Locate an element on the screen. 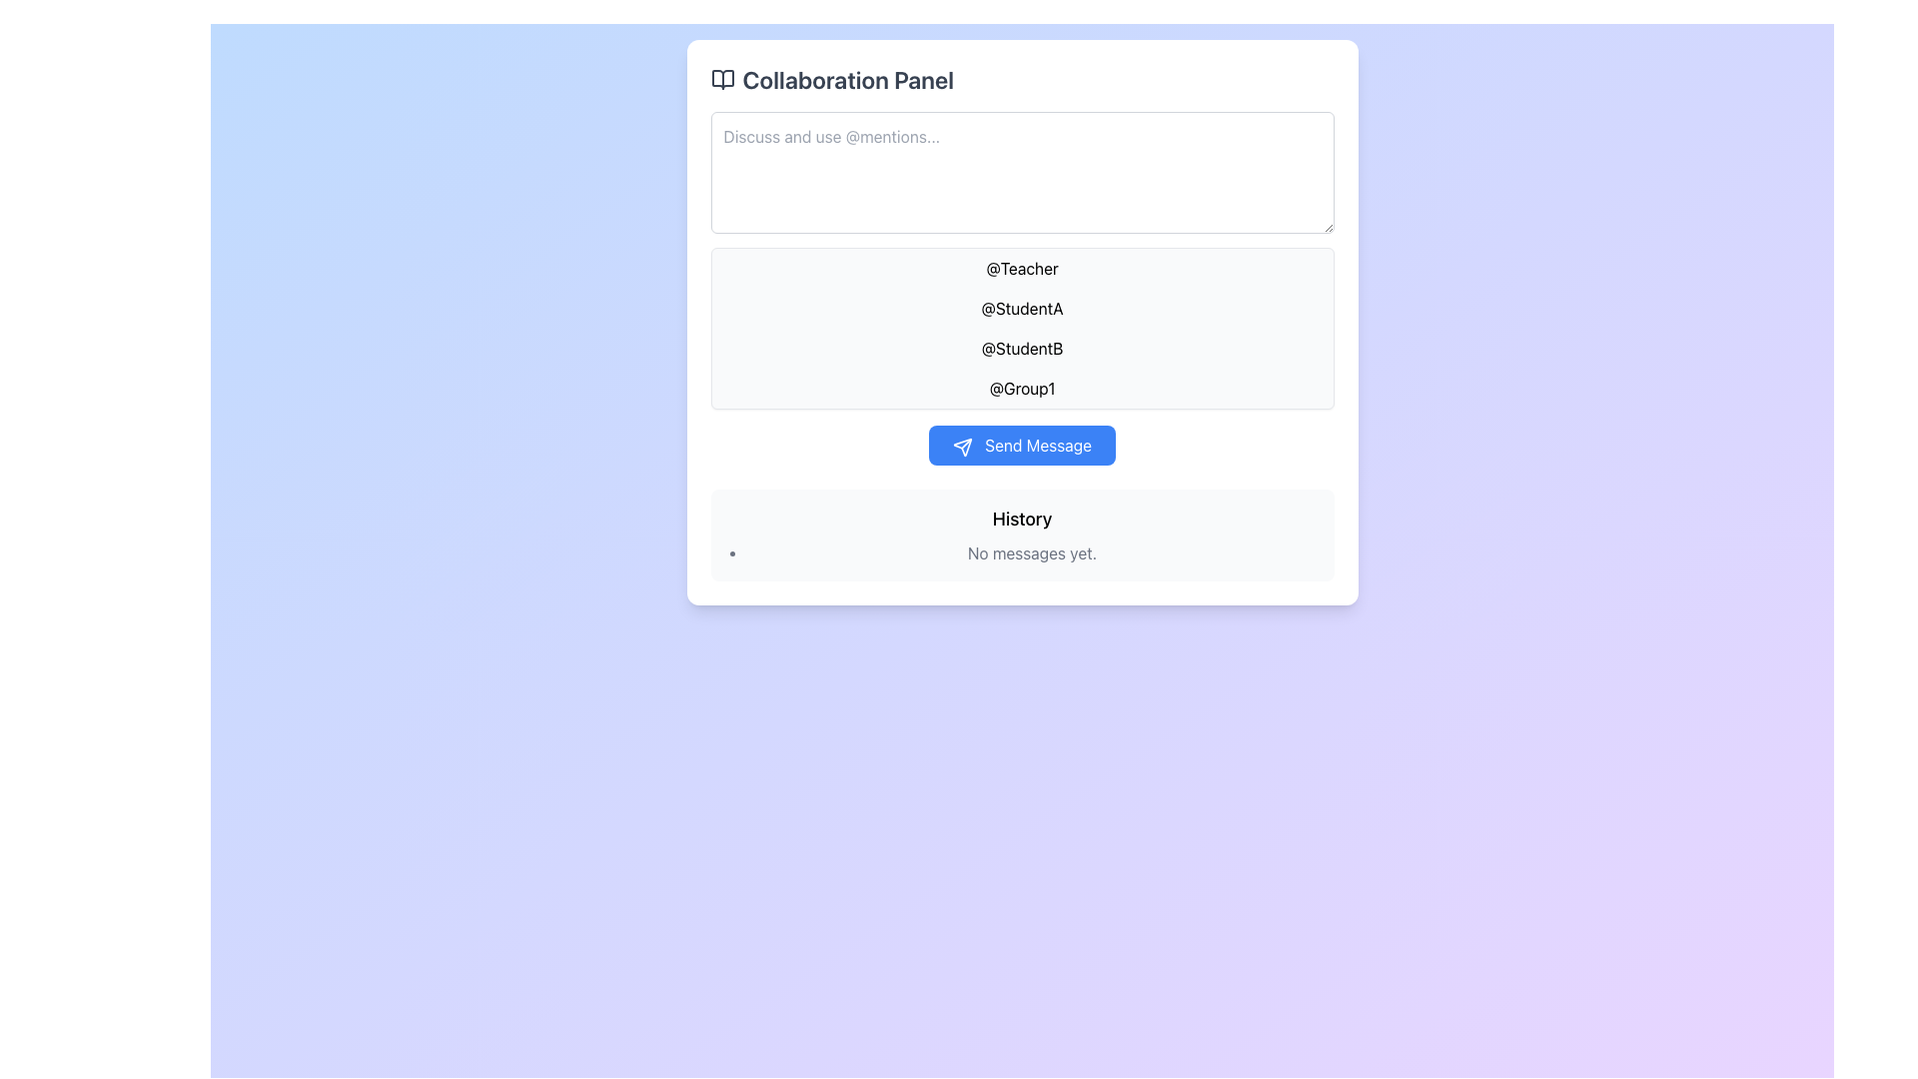  the details of the send message icon located on the left side of the 'Send Message' button at the bottom of the panel is located at coordinates (963, 446).